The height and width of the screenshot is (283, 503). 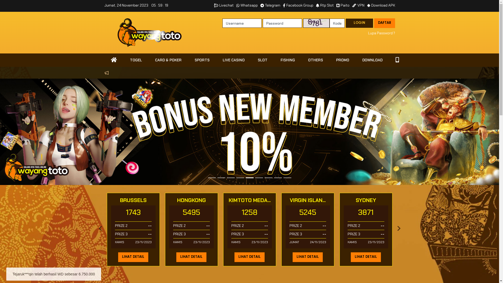 I want to click on 'FISHING', so click(x=287, y=60).